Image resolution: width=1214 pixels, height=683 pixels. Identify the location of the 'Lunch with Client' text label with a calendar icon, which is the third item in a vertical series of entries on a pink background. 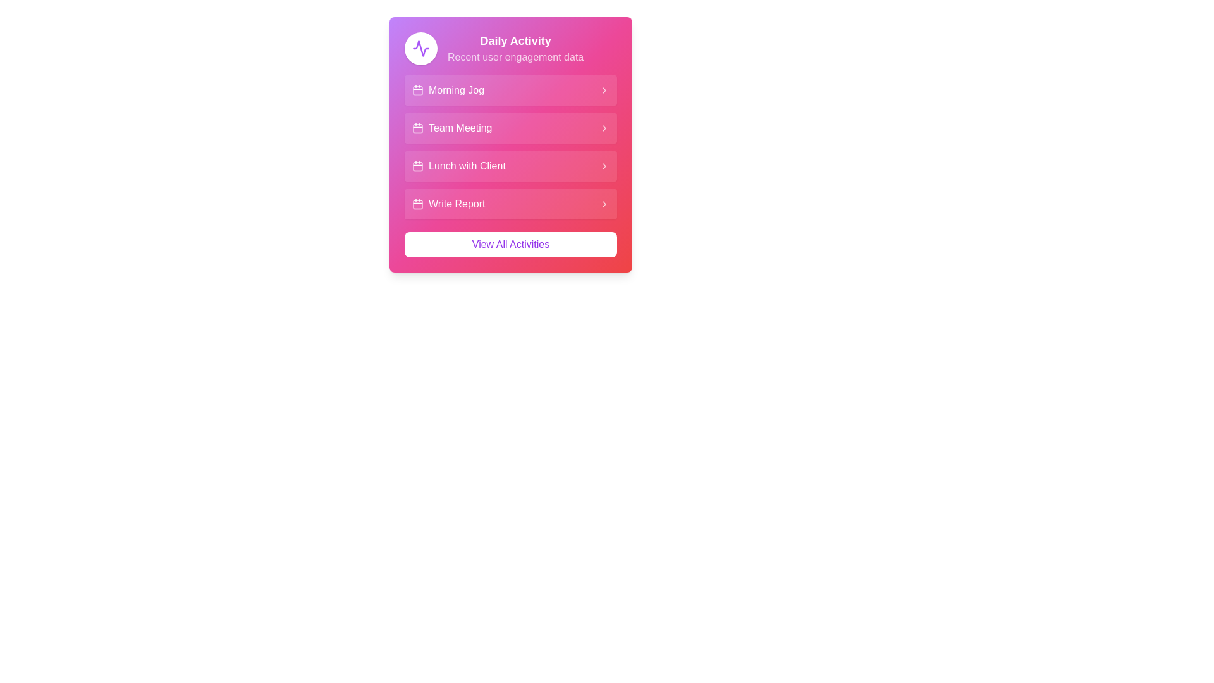
(458, 165).